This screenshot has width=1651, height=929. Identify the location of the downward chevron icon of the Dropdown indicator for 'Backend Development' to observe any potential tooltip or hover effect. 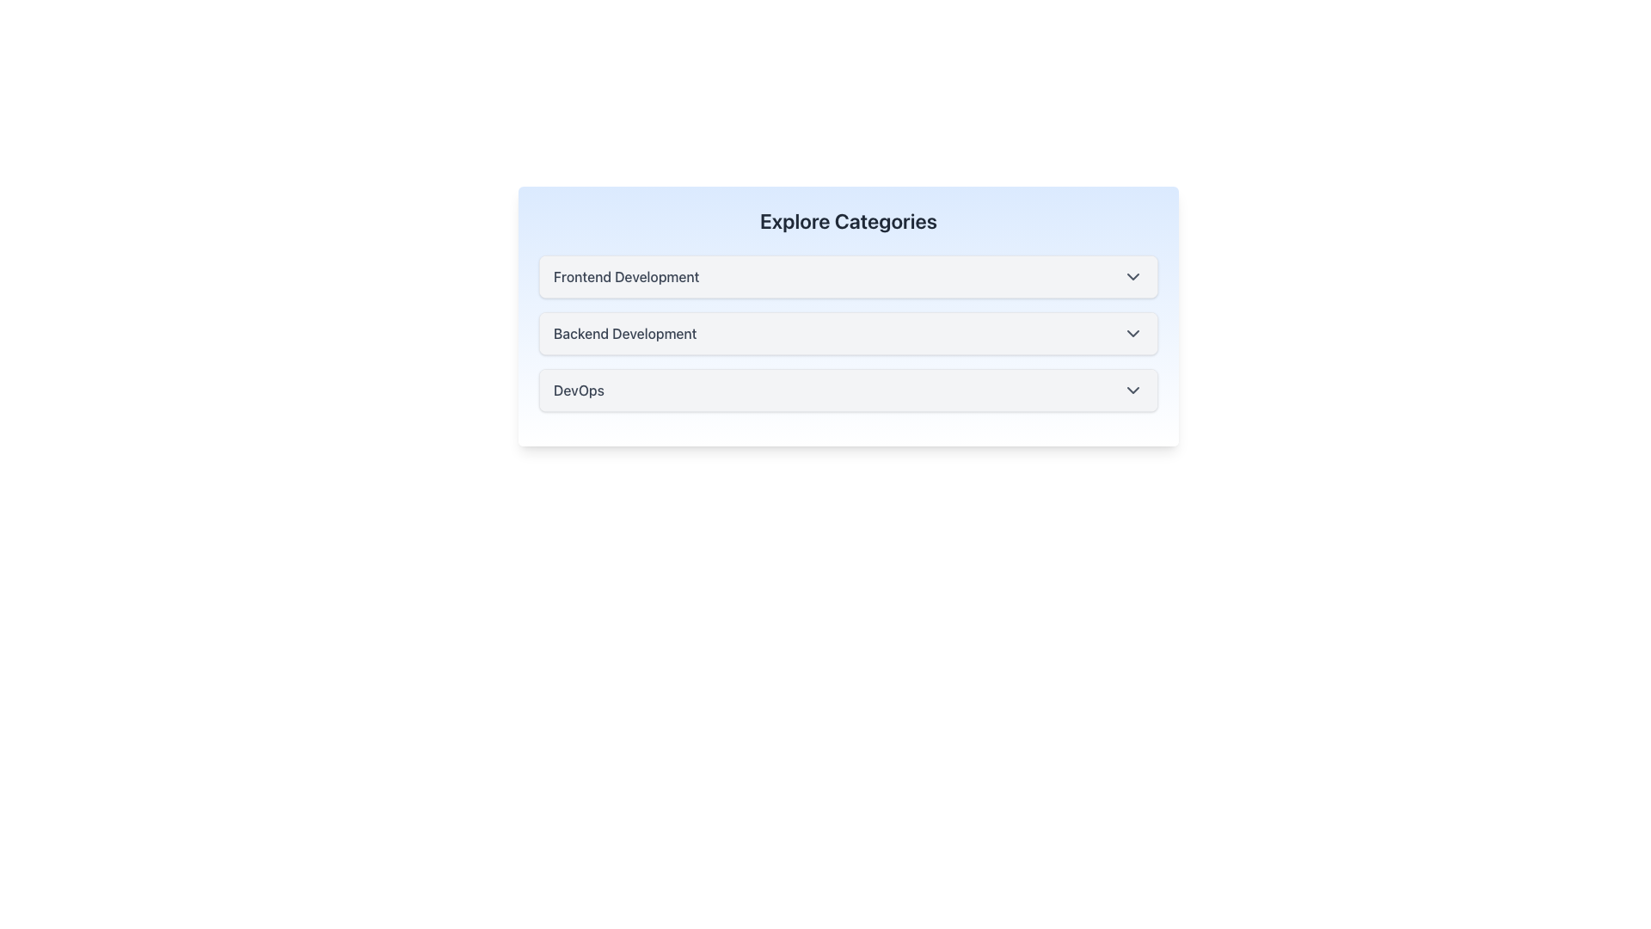
(1133, 334).